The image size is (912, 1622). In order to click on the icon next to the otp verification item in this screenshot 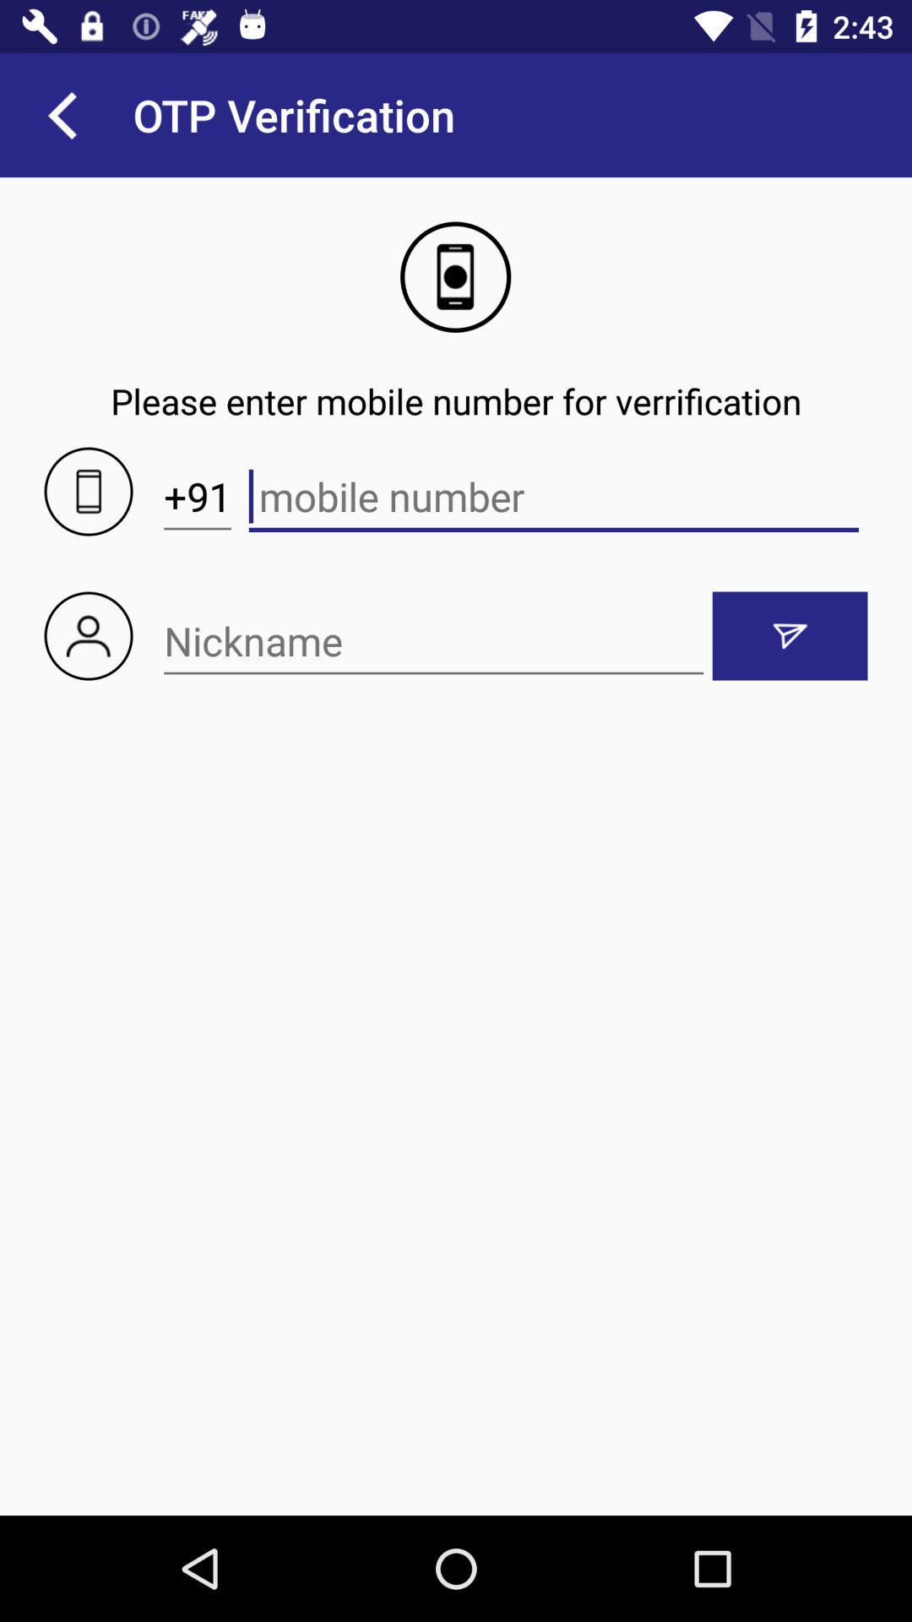, I will do `click(61, 114)`.